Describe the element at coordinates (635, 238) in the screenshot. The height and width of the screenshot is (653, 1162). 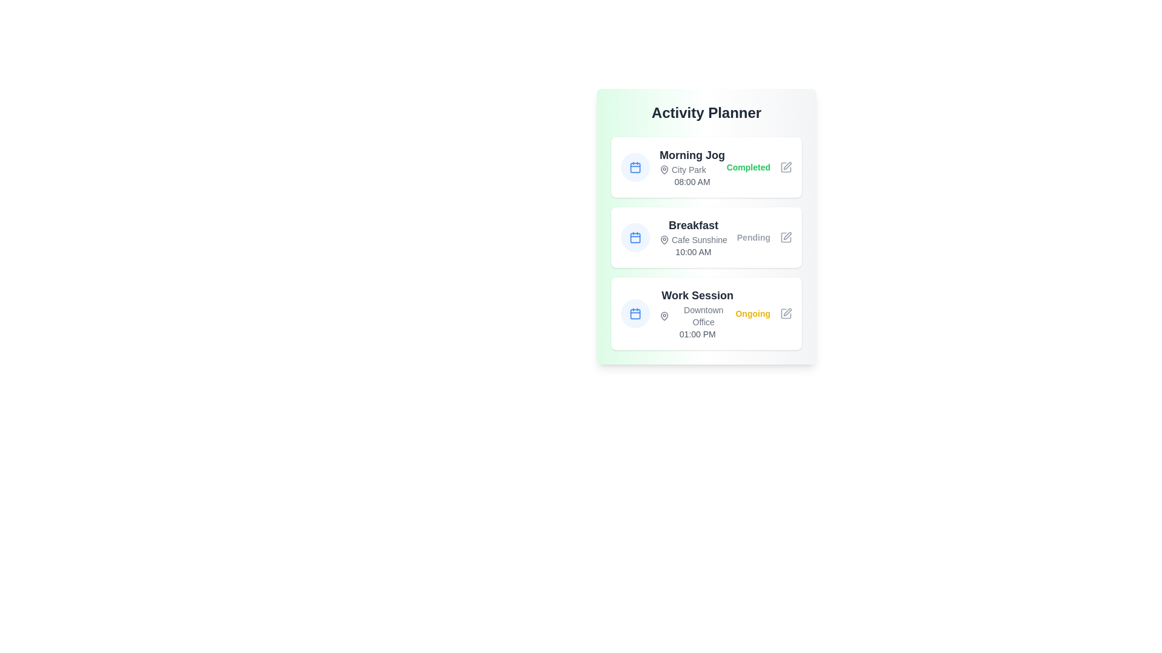
I see `the graphical icon component of the calendar icon that is positioned to the left of the 'Morning Jog' event entry in the 'Activity Planner' panel` at that location.